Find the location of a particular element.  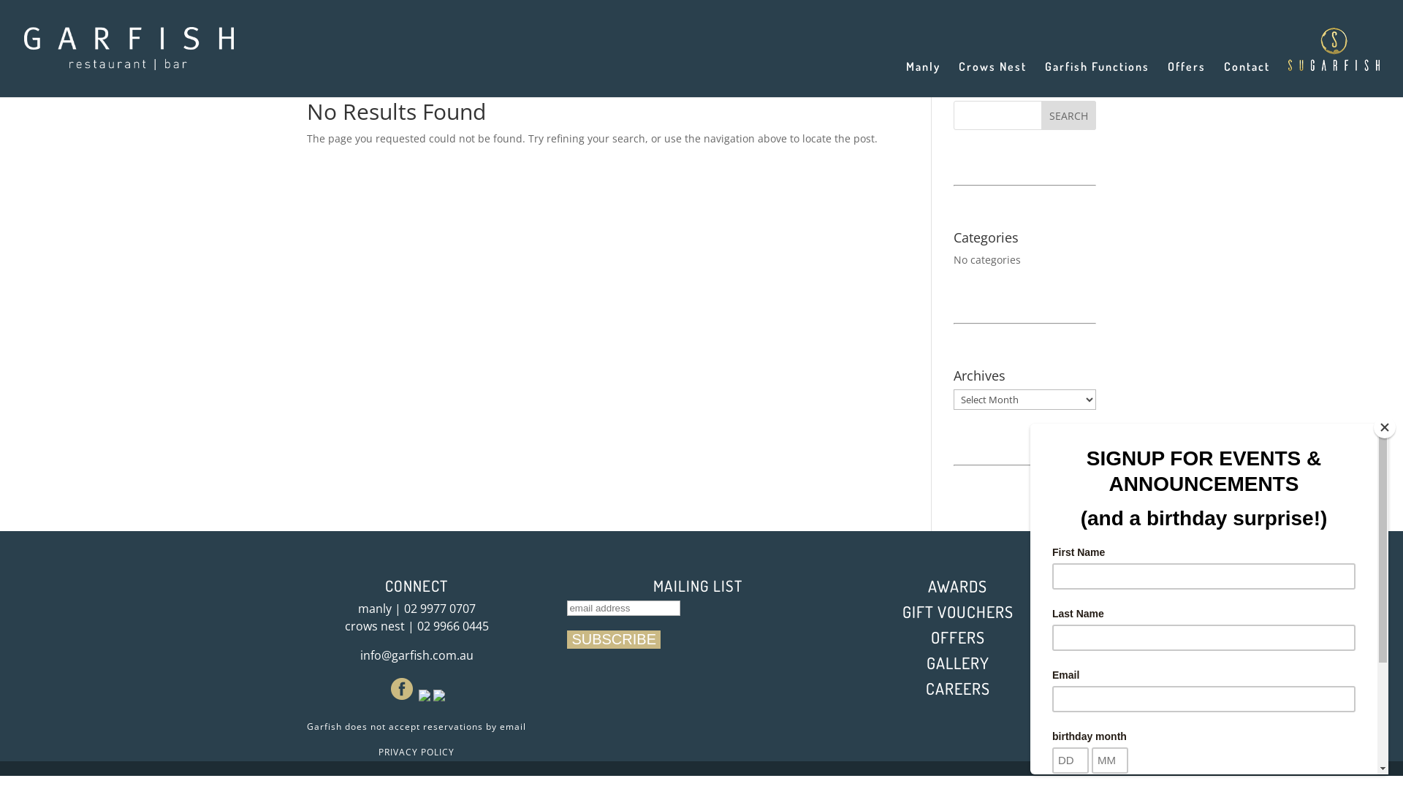

'OFFERS' is located at coordinates (957, 636).